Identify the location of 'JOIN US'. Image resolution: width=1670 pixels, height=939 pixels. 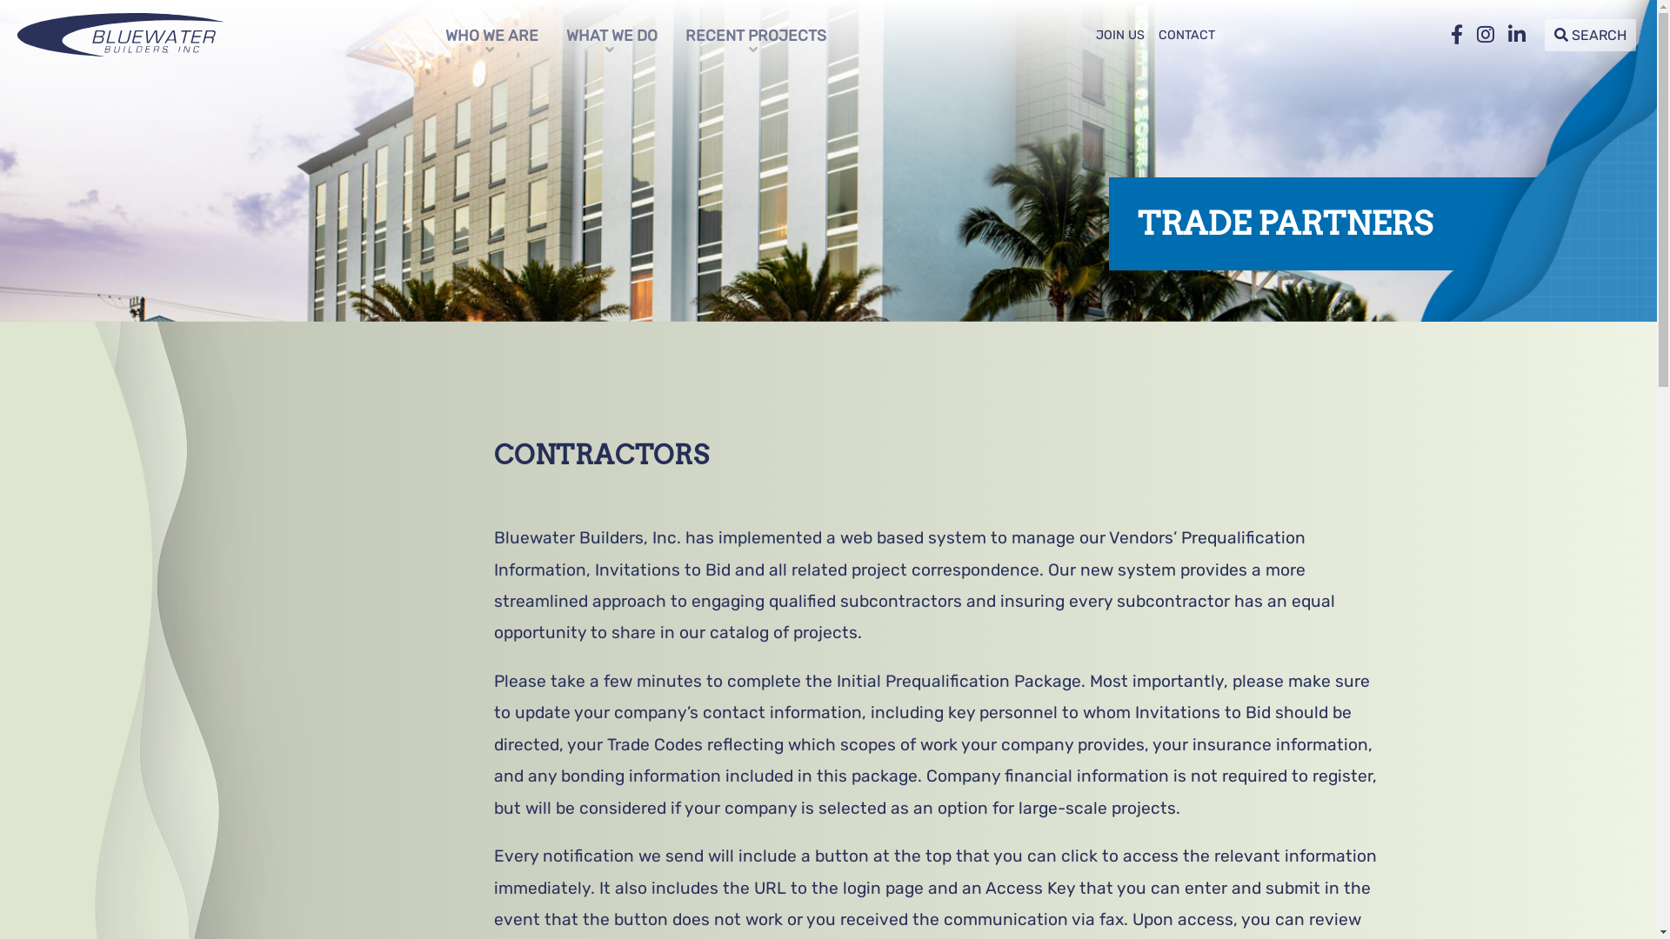
(1119, 36).